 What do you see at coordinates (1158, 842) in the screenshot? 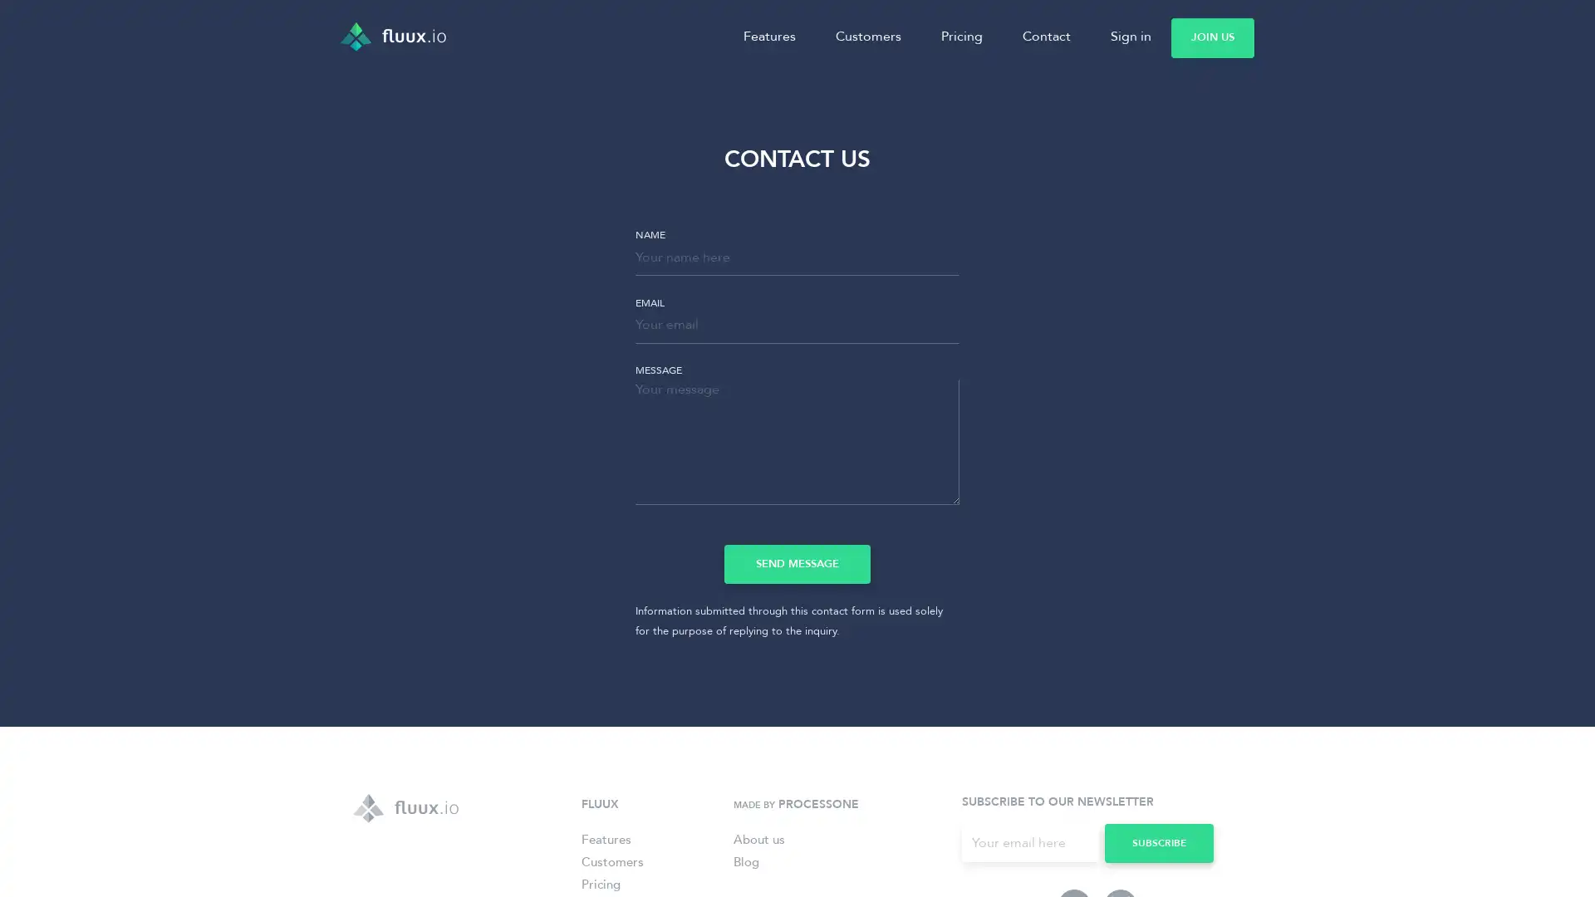
I see `SUBSCRIBE` at bounding box center [1158, 842].